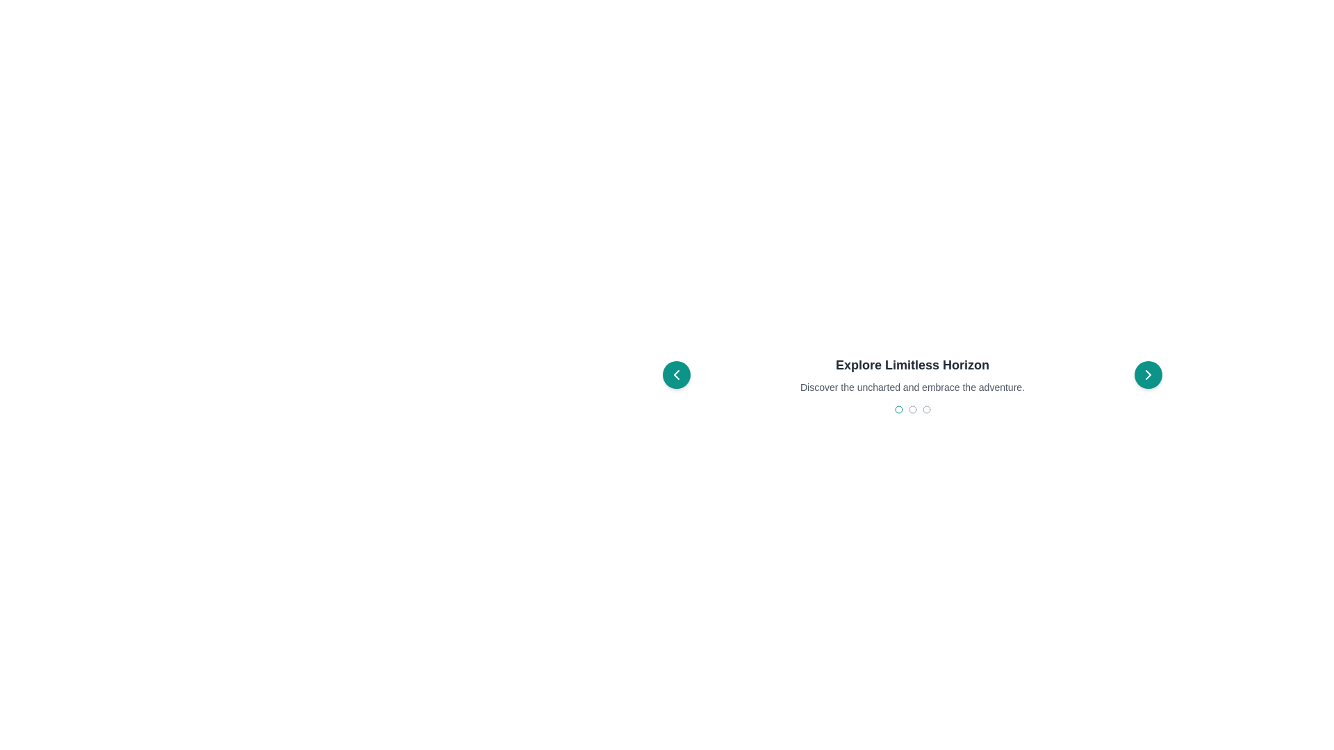 The width and height of the screenshot is (1334, 750). Describe the element at coordinates (912, 409) in the screenshot. I see `the second gray circular icon in the sequence of three interactive indicators located below the text 'Explore Limitless Horizon' and 'Discover the uncharted and embrace the adventure.'` at that location.